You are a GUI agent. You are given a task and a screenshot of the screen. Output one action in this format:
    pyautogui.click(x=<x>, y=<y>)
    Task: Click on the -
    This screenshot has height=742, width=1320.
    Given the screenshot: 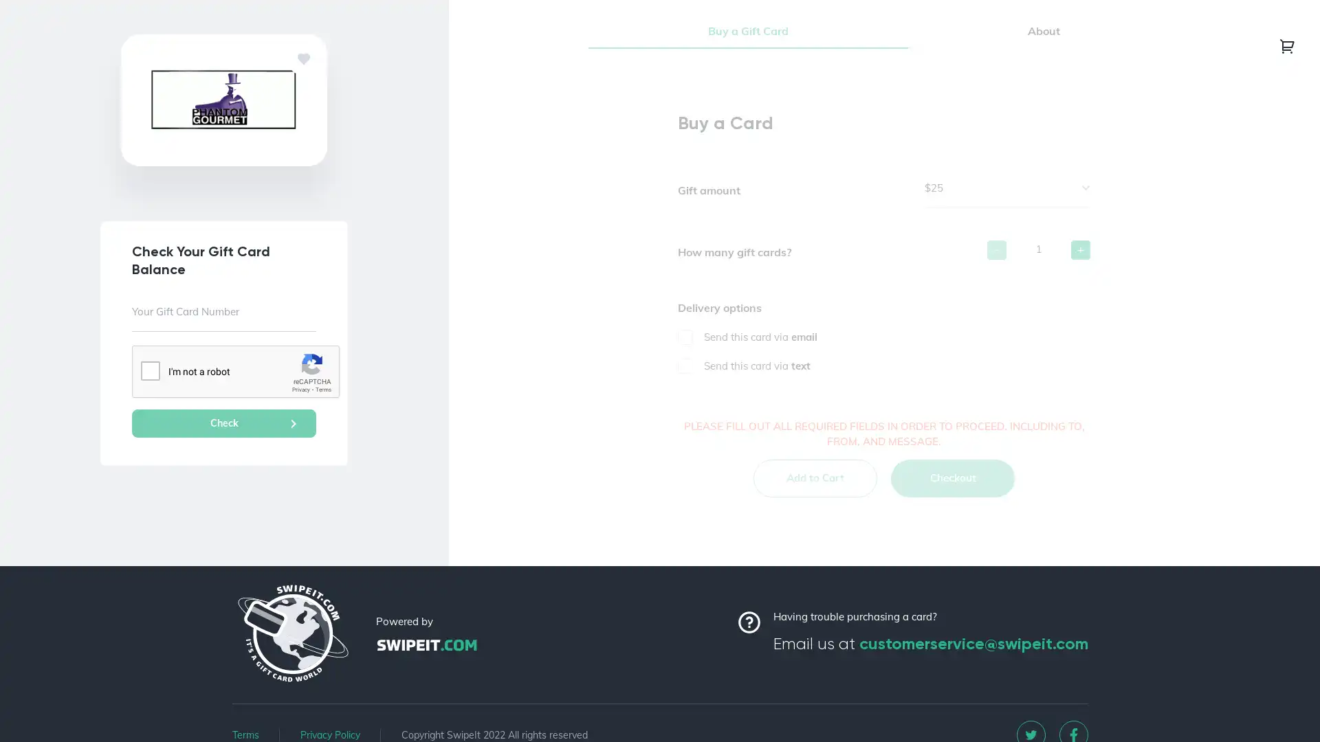 What is the action you would take?
    pyautogui.click(x=996, y=264)
    